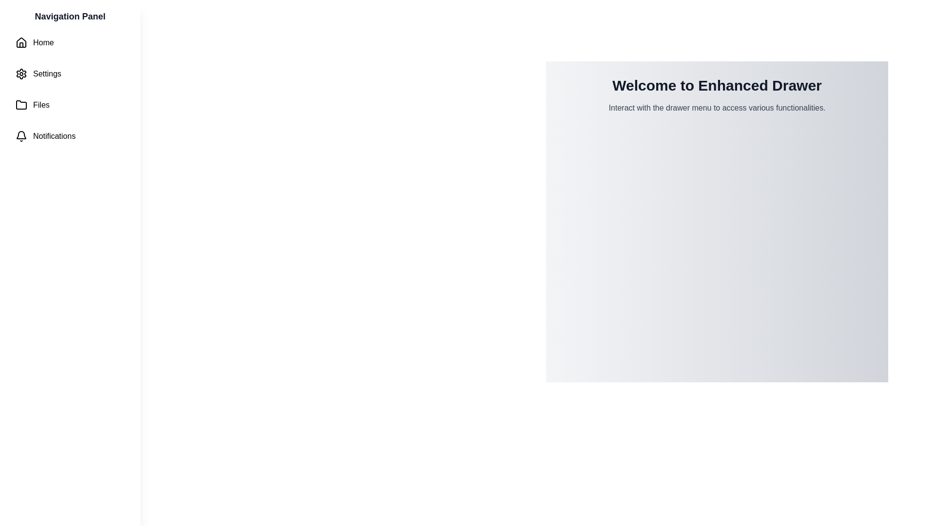 This screenshot has width=936, height=526. I want to click on the interactive button located at the top-left corner of the navigation section, so click(19, 19).